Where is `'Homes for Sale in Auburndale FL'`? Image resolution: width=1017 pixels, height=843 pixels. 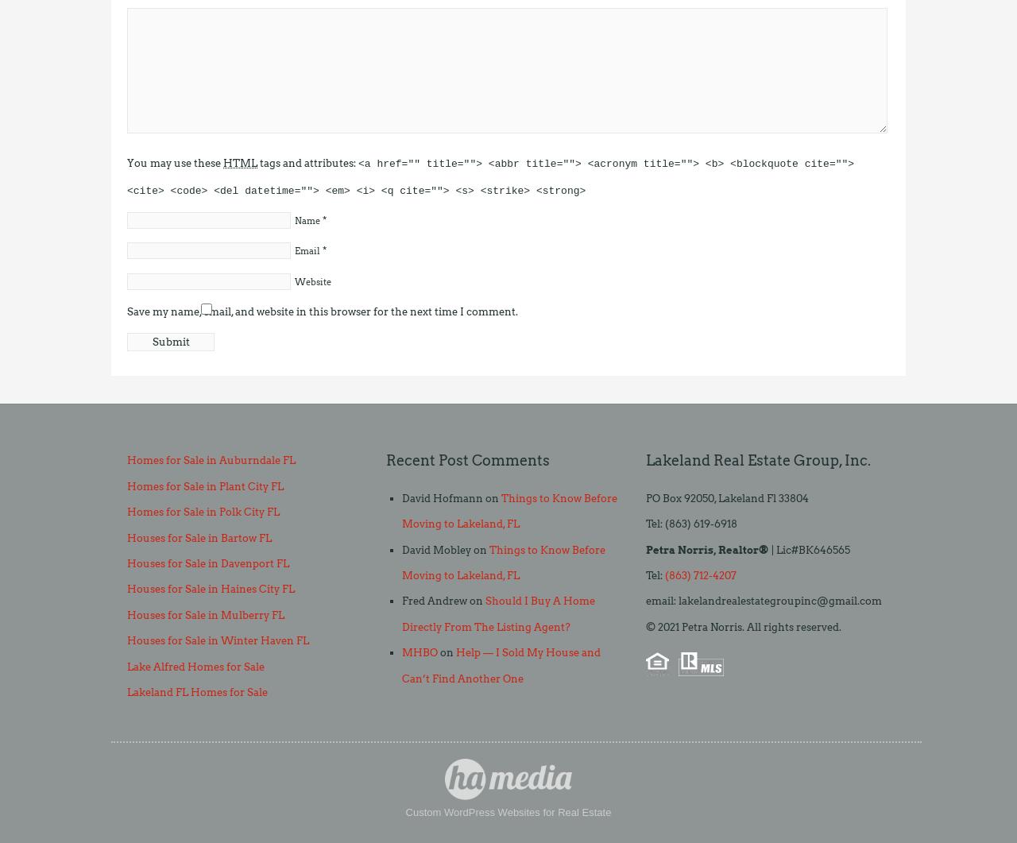
'Homes for Sale in Auburndale FL' is located at coordinates (210, 459).